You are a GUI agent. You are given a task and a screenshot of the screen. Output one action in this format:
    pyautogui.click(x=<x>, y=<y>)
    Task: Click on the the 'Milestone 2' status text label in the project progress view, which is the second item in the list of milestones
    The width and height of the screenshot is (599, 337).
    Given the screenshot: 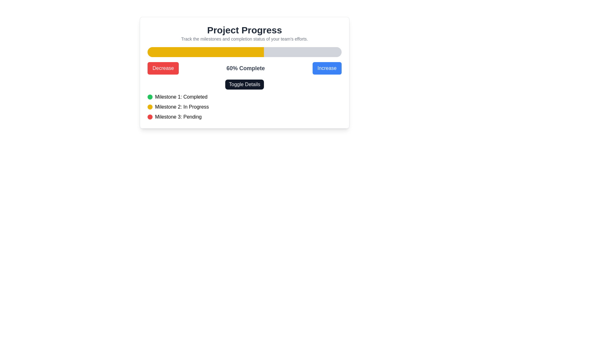 What is the action you would take?
    pyautogui.click(x=182, y=107)
    